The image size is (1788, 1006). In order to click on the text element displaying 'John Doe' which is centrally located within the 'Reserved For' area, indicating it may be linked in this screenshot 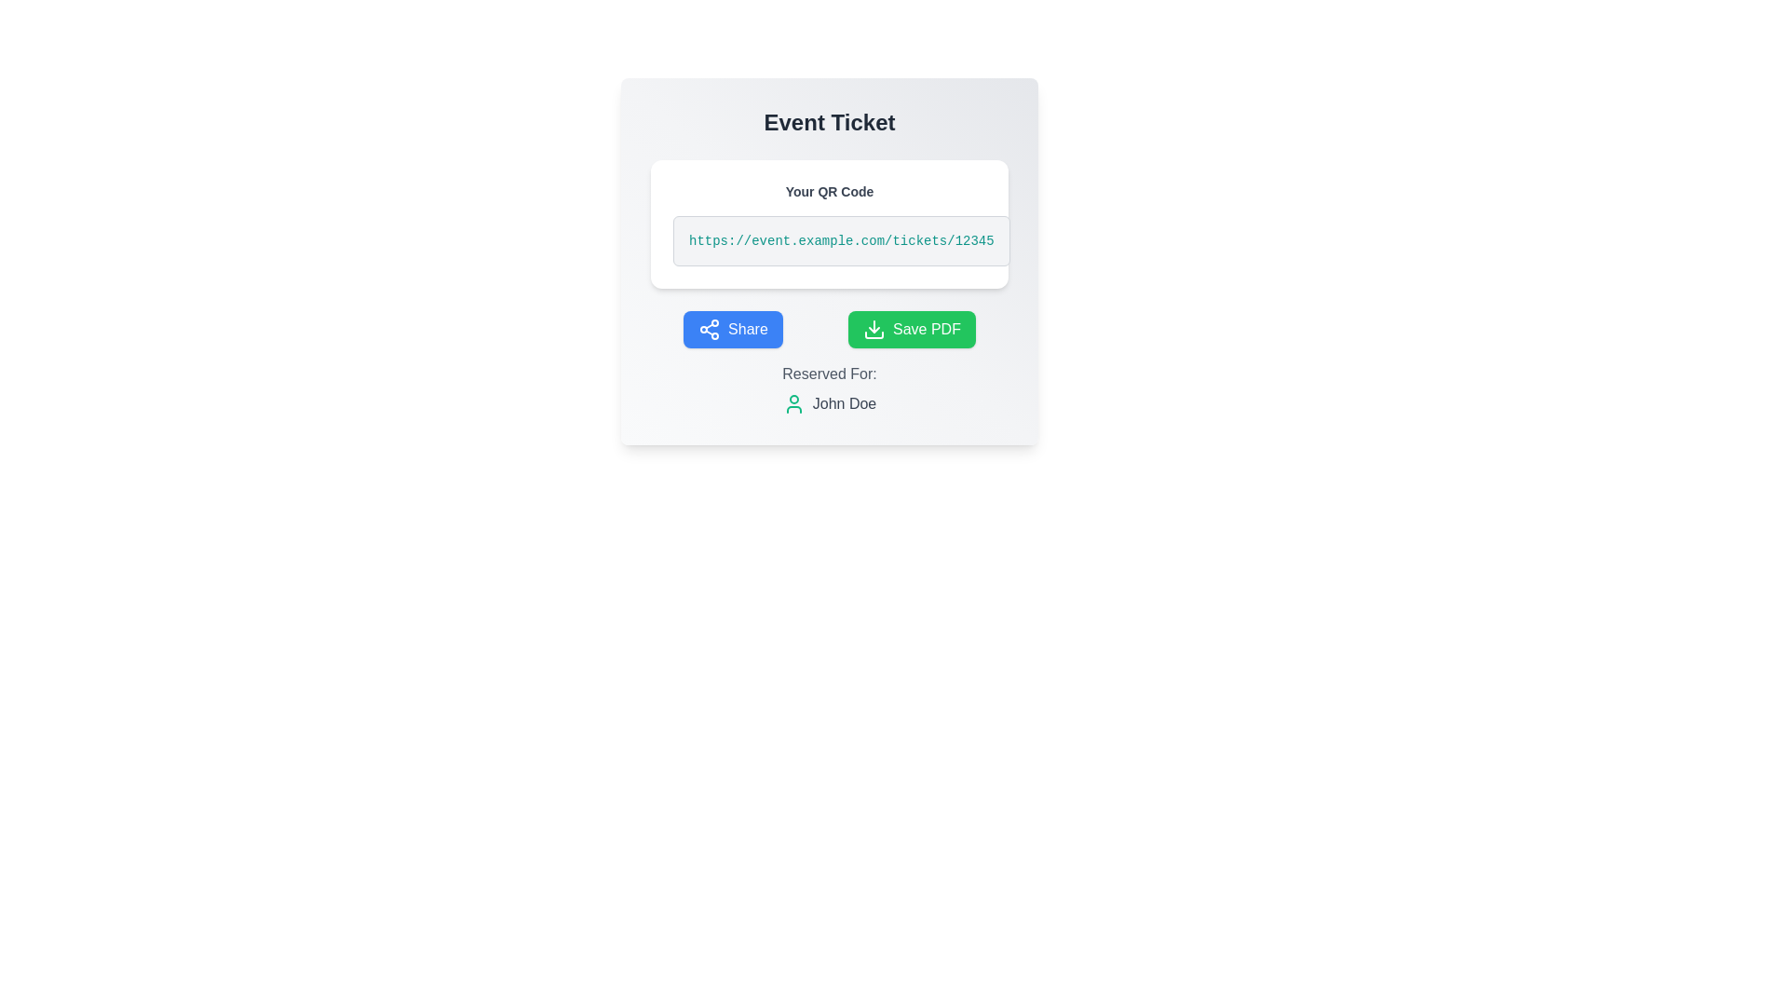, I will do `click(844, 403)`.